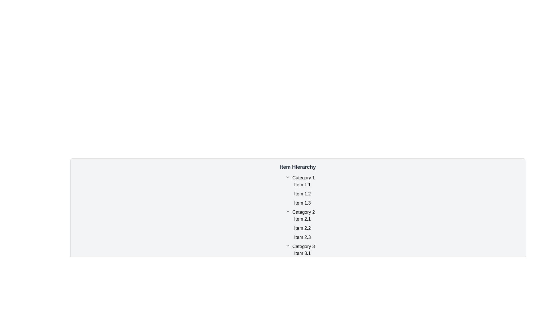 The width and height of the screenshot is (550, 309). Describe the element at coordinates (288, 177) in the screenshot. I see `the Chevron icon located to the left of the 'Category 1' text label in the hierarchical menu` at that location.